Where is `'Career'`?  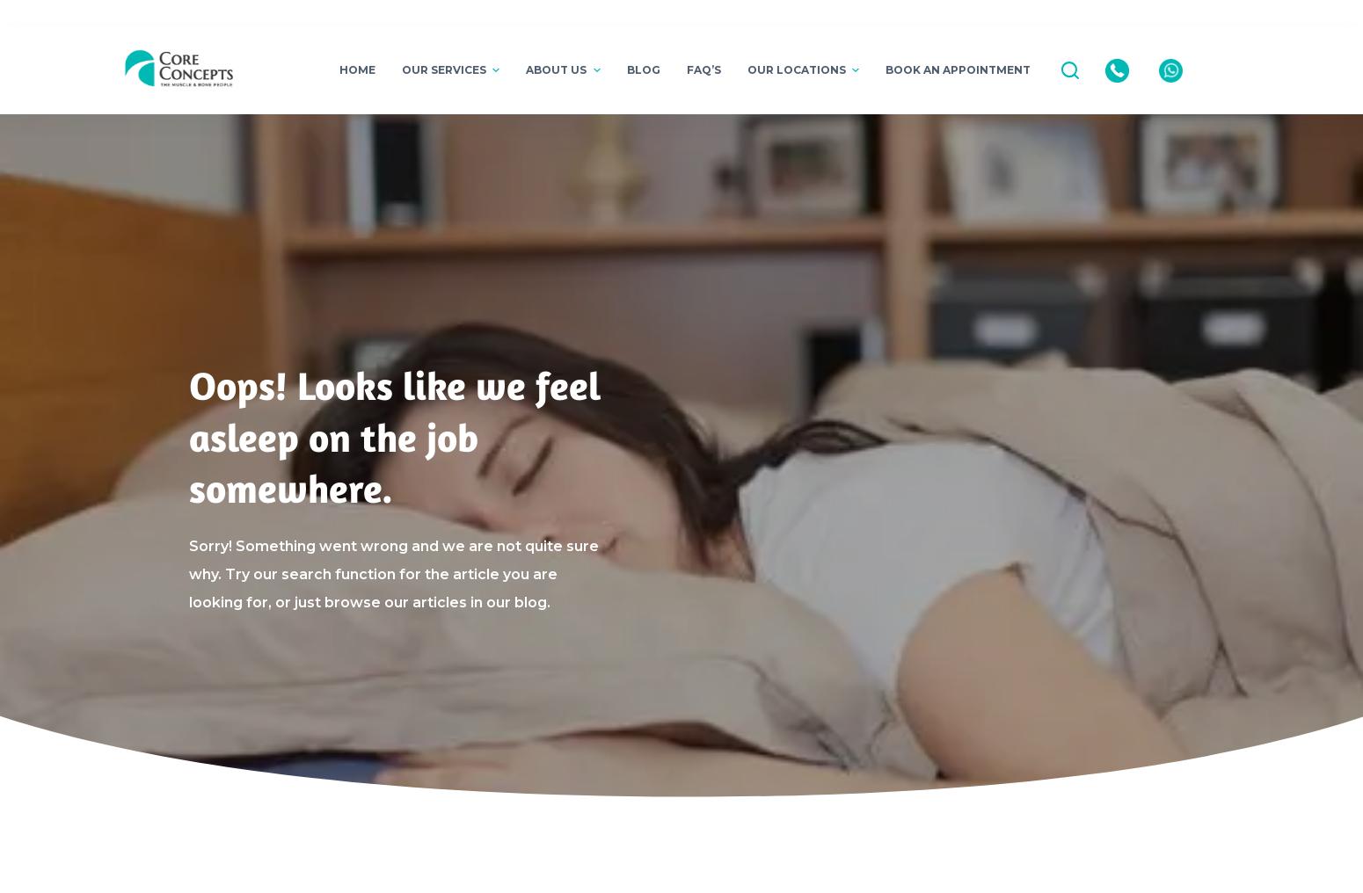 'Career' is located at coordinates (544, 273).